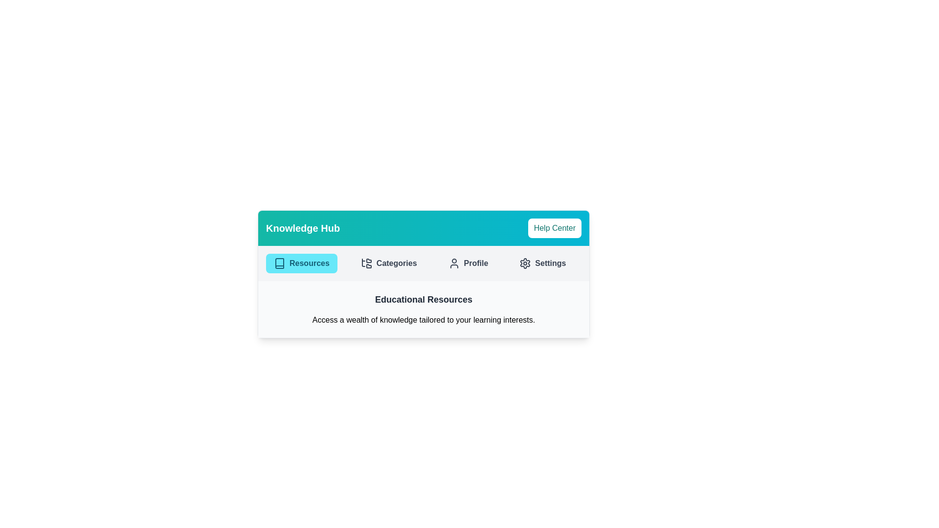 The width and height of the screenshot is (939, 528). Describe the element at coordinates (388, 263) in the screenshot. I see `the 'Categories' button in the navigation bar` at that location.